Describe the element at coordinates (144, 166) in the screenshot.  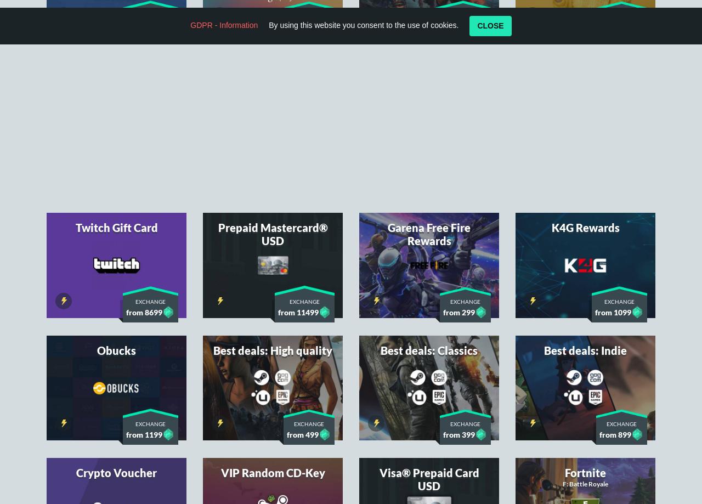
I see `'from 8699'` at that location.